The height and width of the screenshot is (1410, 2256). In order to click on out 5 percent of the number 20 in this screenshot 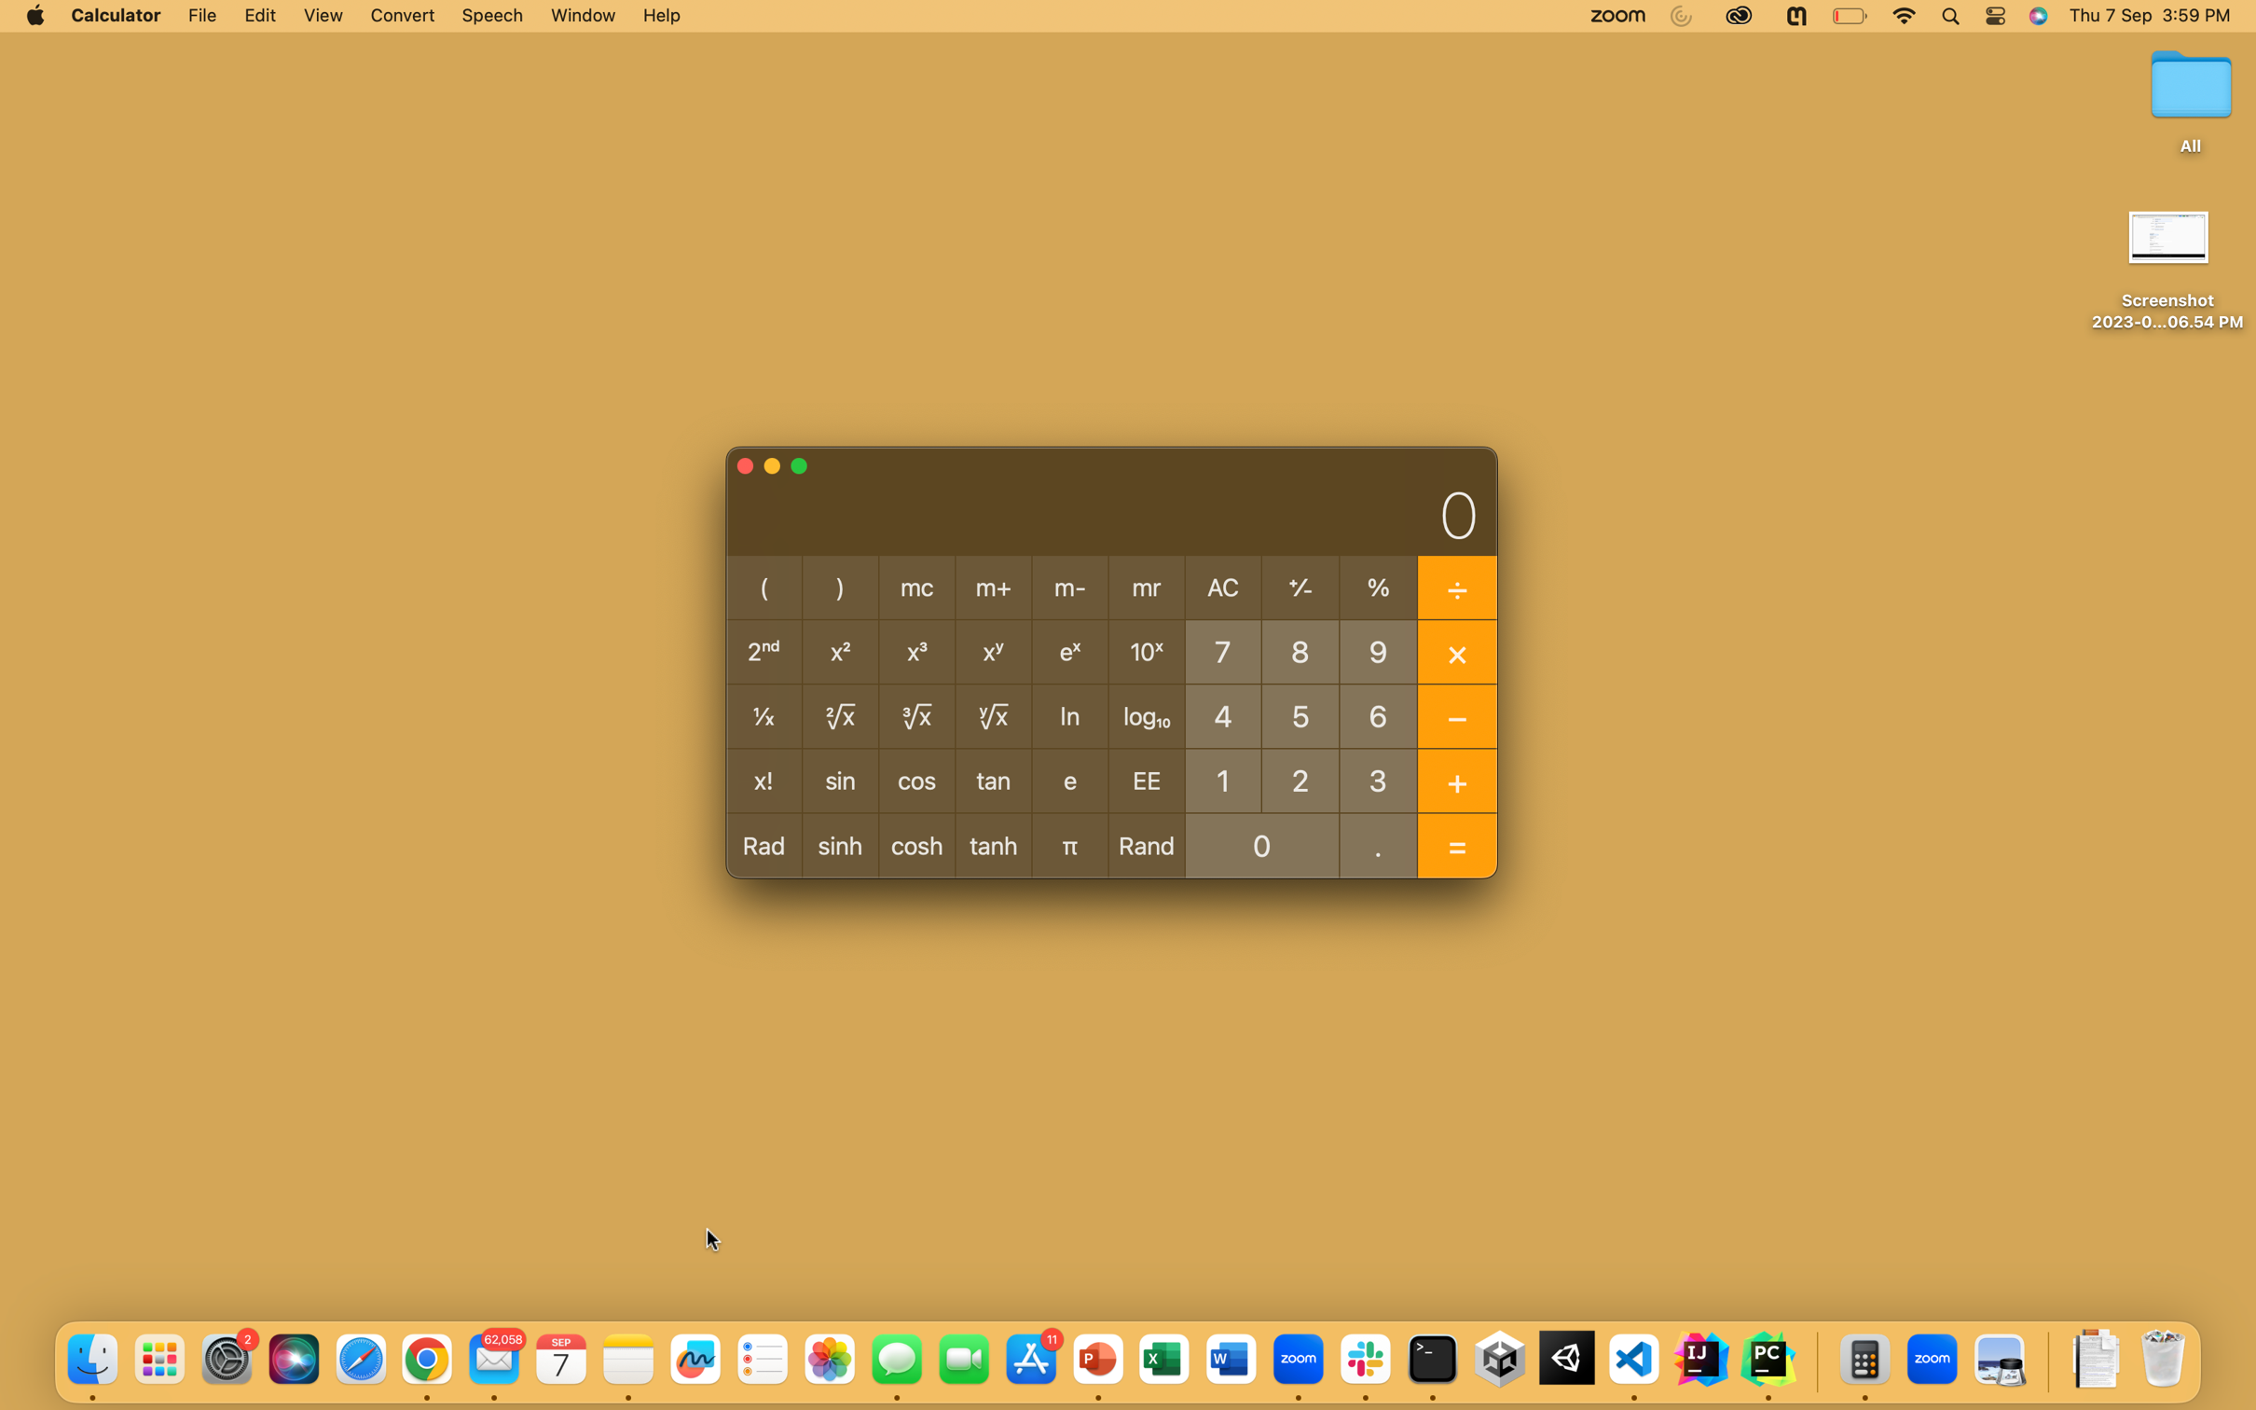, I will do `click(1300, 713)`.